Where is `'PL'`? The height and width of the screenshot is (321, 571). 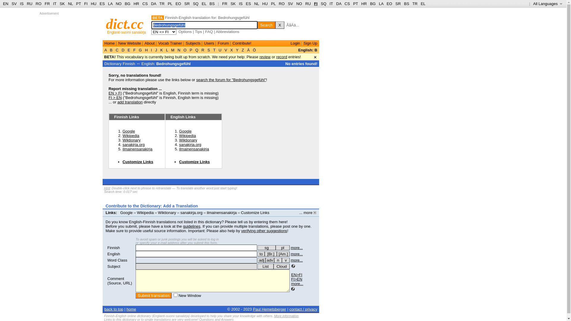
'PL' is located at coordinates (170, 4).